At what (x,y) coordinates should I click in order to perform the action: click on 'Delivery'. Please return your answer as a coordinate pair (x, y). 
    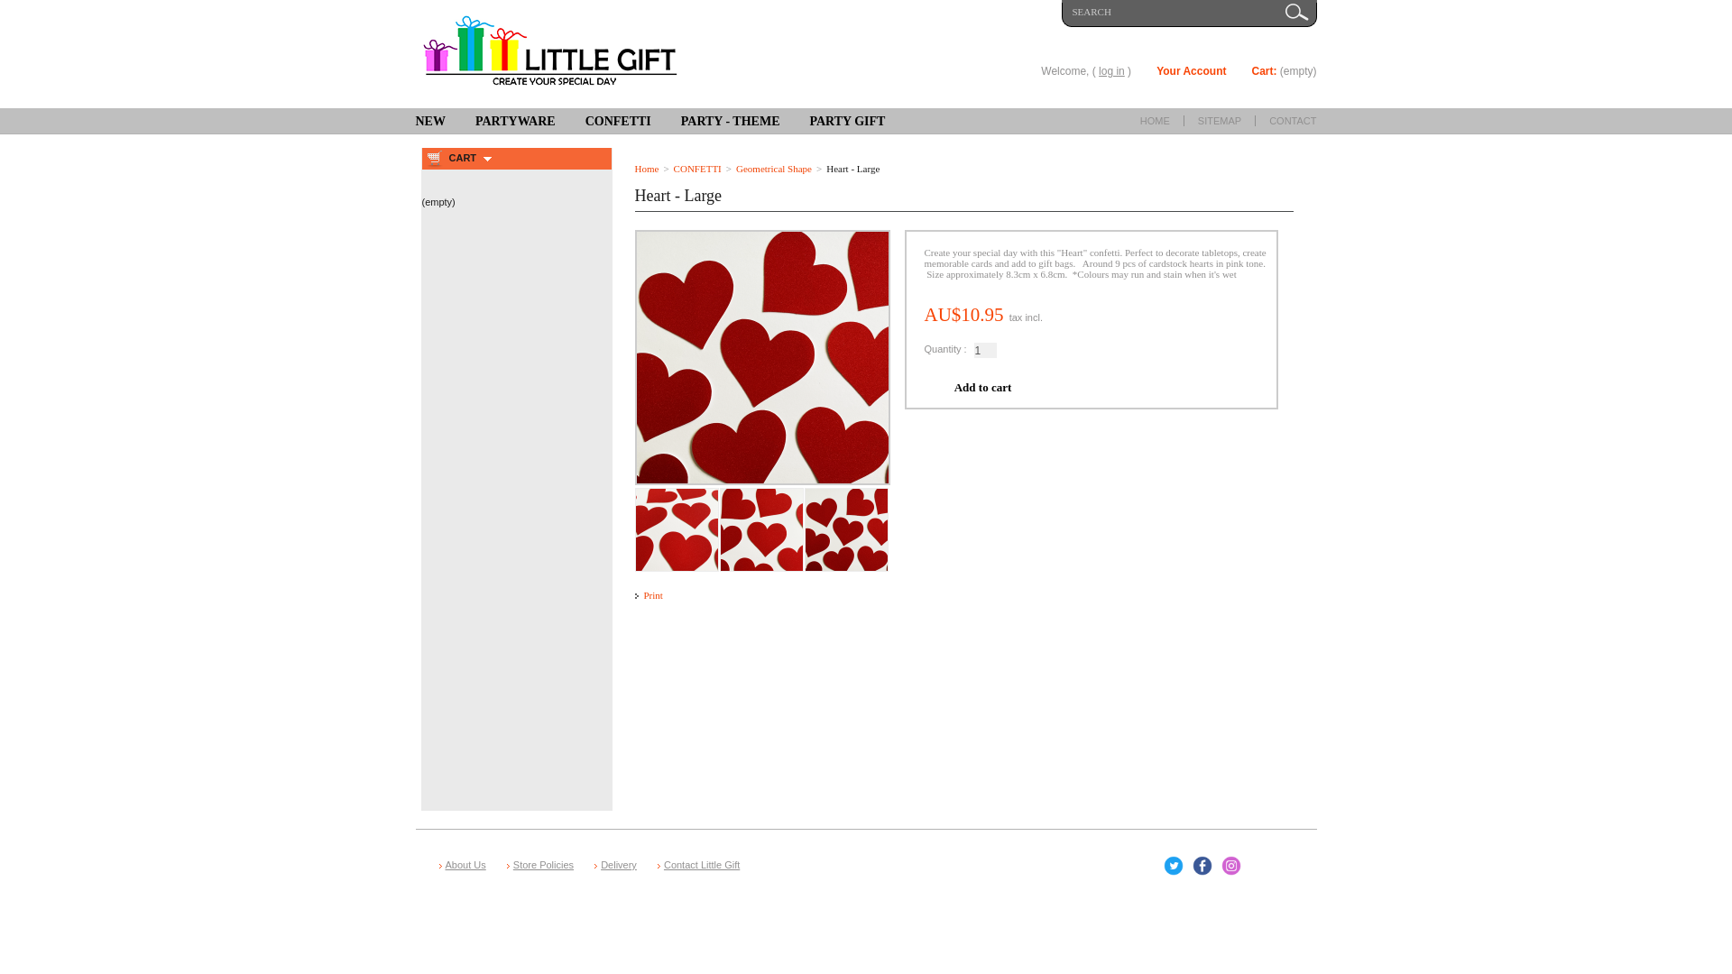
    Looking at the image, I should click on (619, 864).